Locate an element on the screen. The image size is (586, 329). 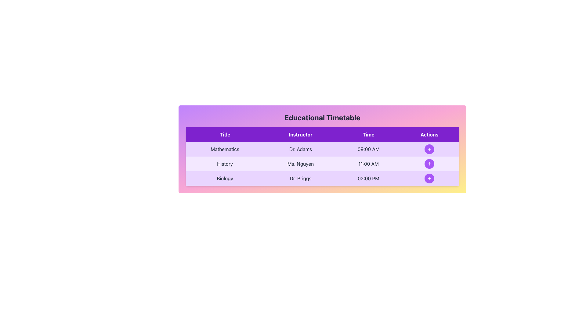
the circular plus icon button with a purple background located in the last column of the second row under the 'Actions' column is located at coordinates (429, 163).